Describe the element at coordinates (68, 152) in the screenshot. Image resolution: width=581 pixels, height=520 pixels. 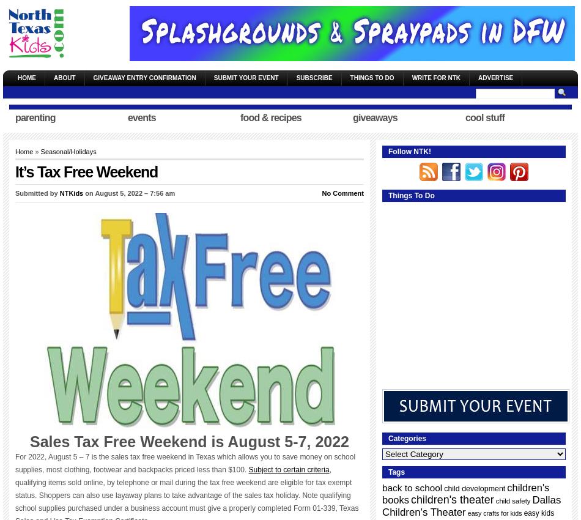
I see `'Seasonal/Holidays'` at that location.